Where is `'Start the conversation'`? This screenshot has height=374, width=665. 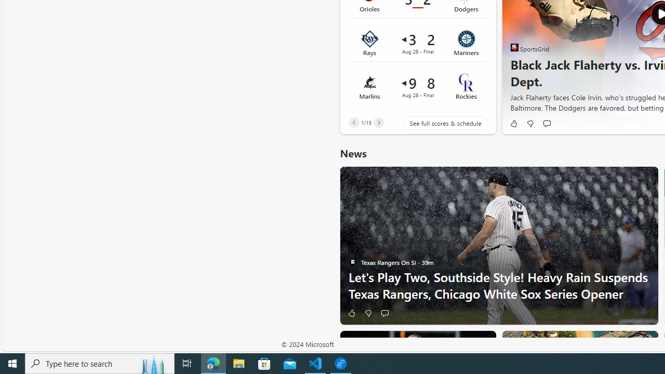 'Start the conversation' is located at coordinates (384, 312).